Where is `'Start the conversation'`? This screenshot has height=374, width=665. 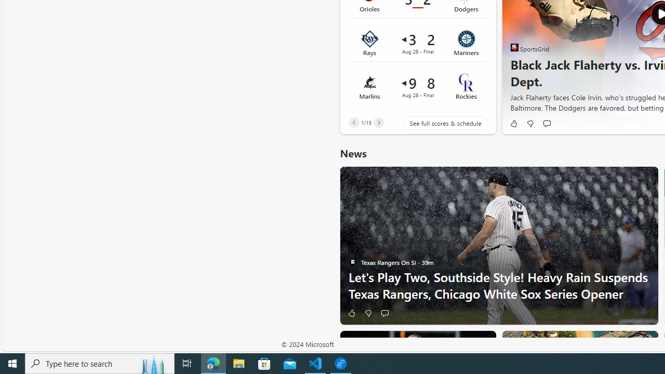 'Start the conversation' is located at coordinates (384, 312).